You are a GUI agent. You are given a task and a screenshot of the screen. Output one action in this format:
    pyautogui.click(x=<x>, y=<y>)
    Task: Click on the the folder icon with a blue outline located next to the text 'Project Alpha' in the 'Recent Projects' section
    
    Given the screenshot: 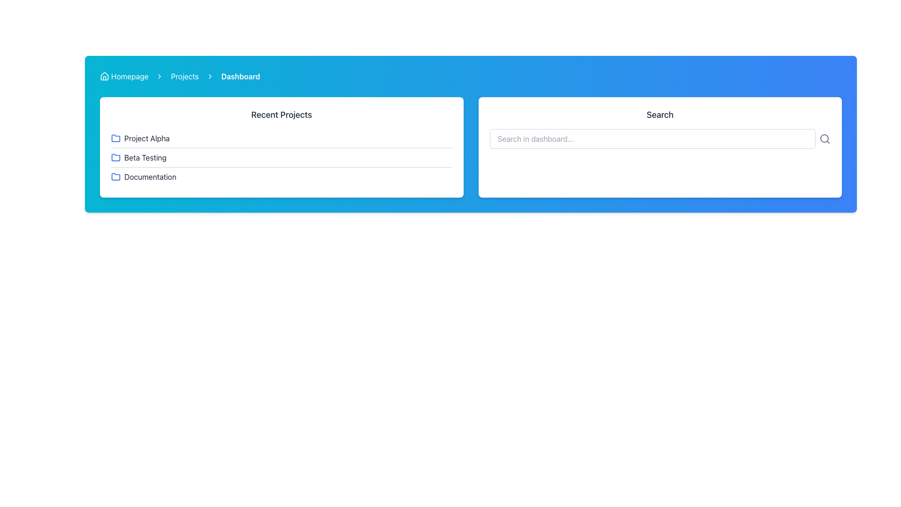 What is the action you would take?
    pyautogui.click(x=115, y=138)
    